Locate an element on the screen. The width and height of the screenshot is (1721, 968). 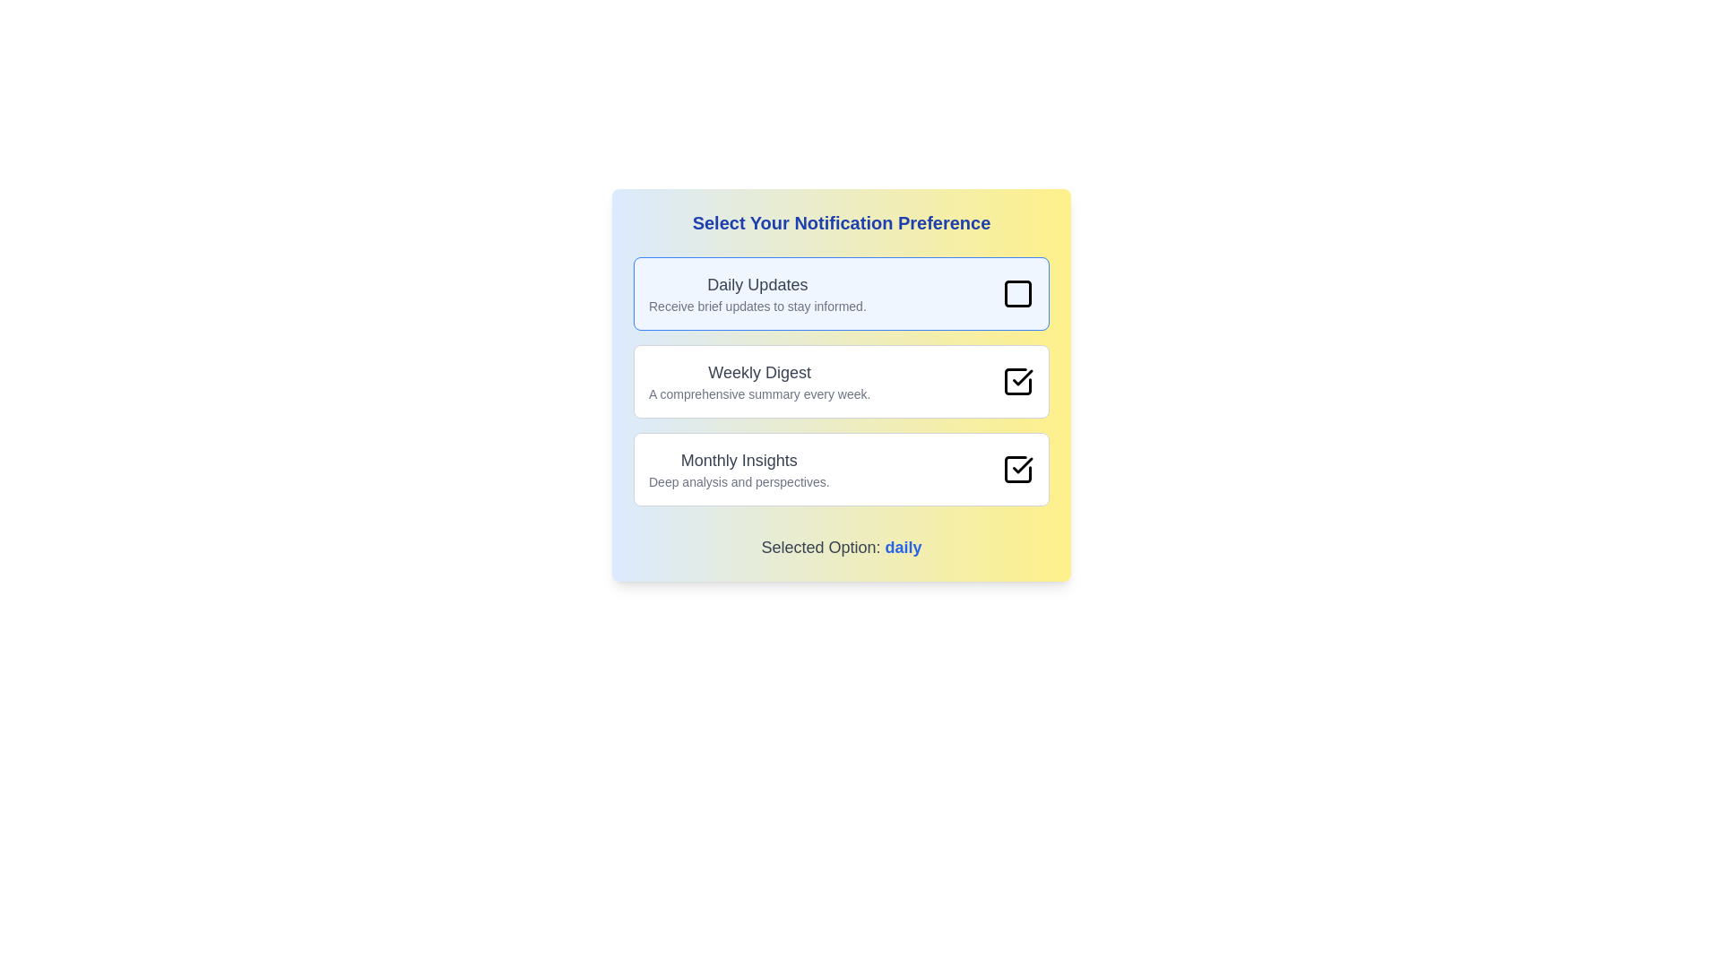
the 'Weekly Digest' text label, which is prominently displayed in bold gray font as the header of the middle option in a card layout, positioned between 'Daily Updates' and 'Monthly Insights' is located at coordinates (759, 372).